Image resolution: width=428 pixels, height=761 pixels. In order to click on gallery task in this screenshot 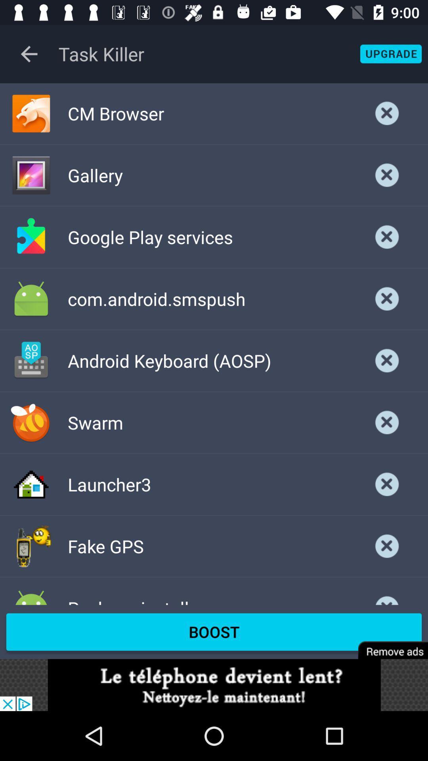, I will do `click(387, 175)`.